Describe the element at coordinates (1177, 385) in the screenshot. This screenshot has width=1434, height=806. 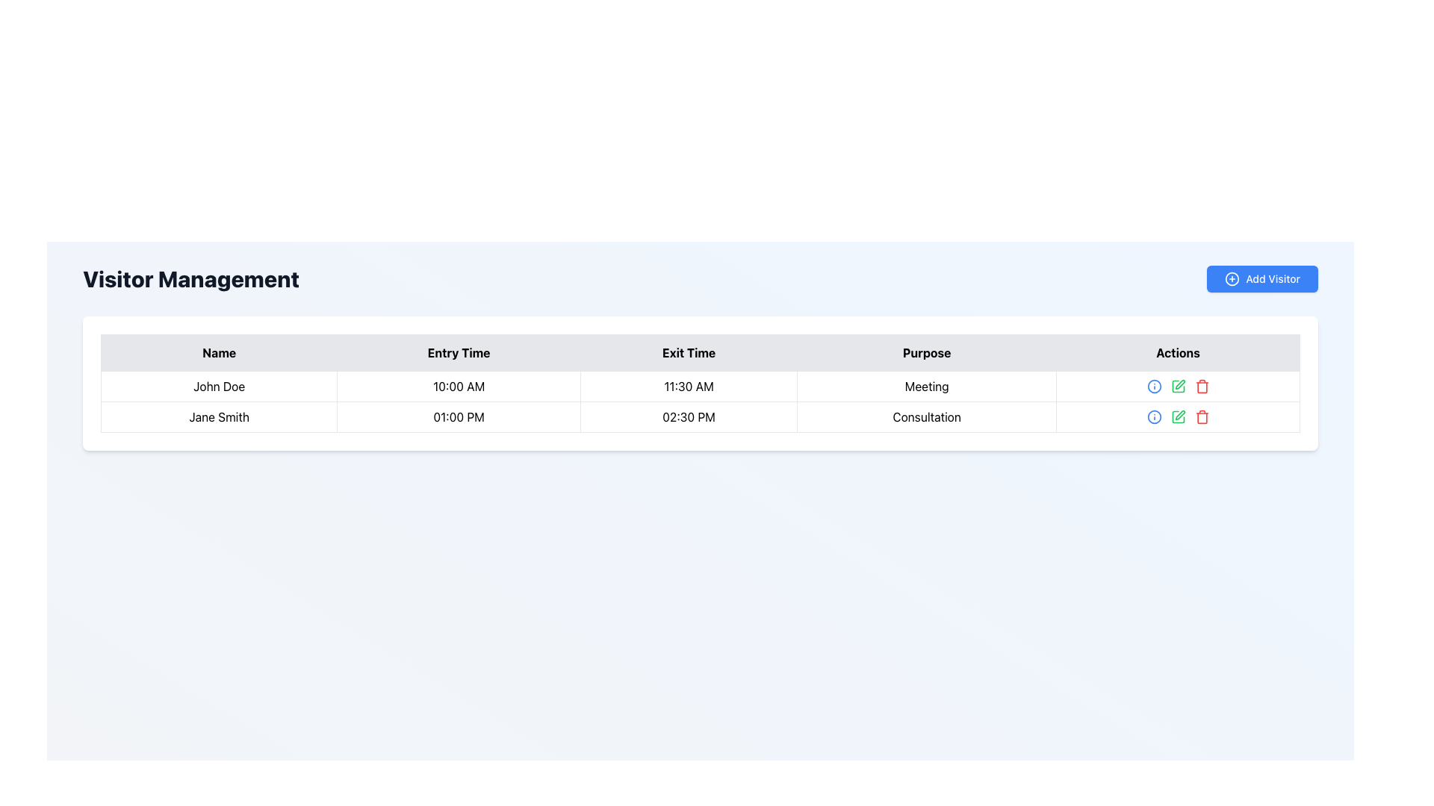
I see `the second interactive icon in the 'Actions' column of the second row of the table` at that location.